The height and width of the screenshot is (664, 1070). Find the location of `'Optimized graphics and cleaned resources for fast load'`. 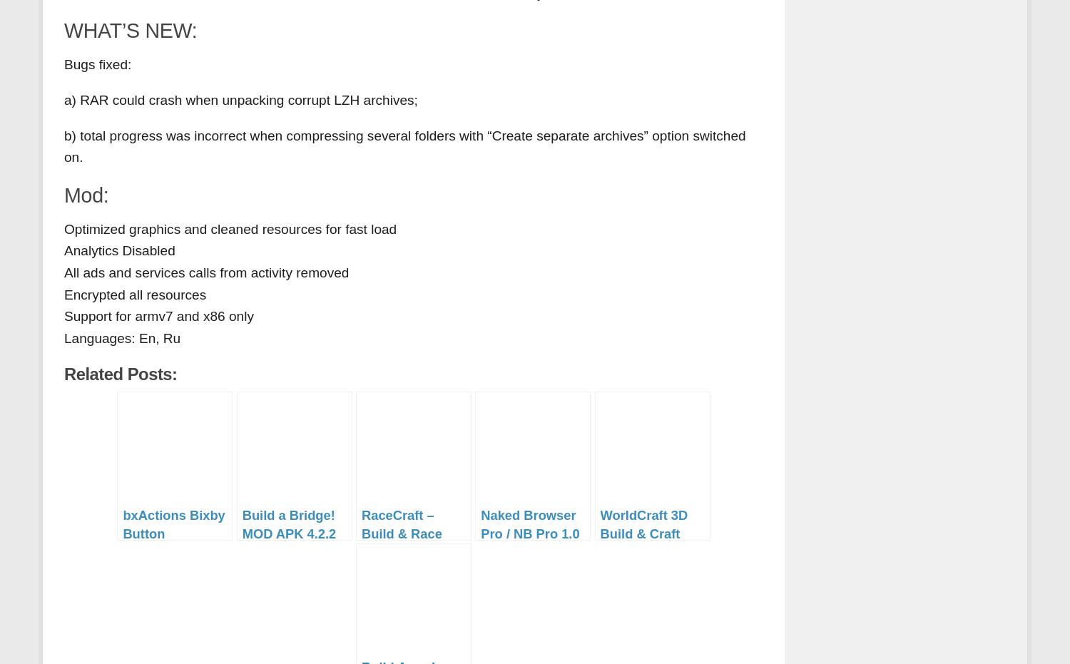

'Optimized graphics and cleaned resources for fast load' is located at coordinates (229, 228).